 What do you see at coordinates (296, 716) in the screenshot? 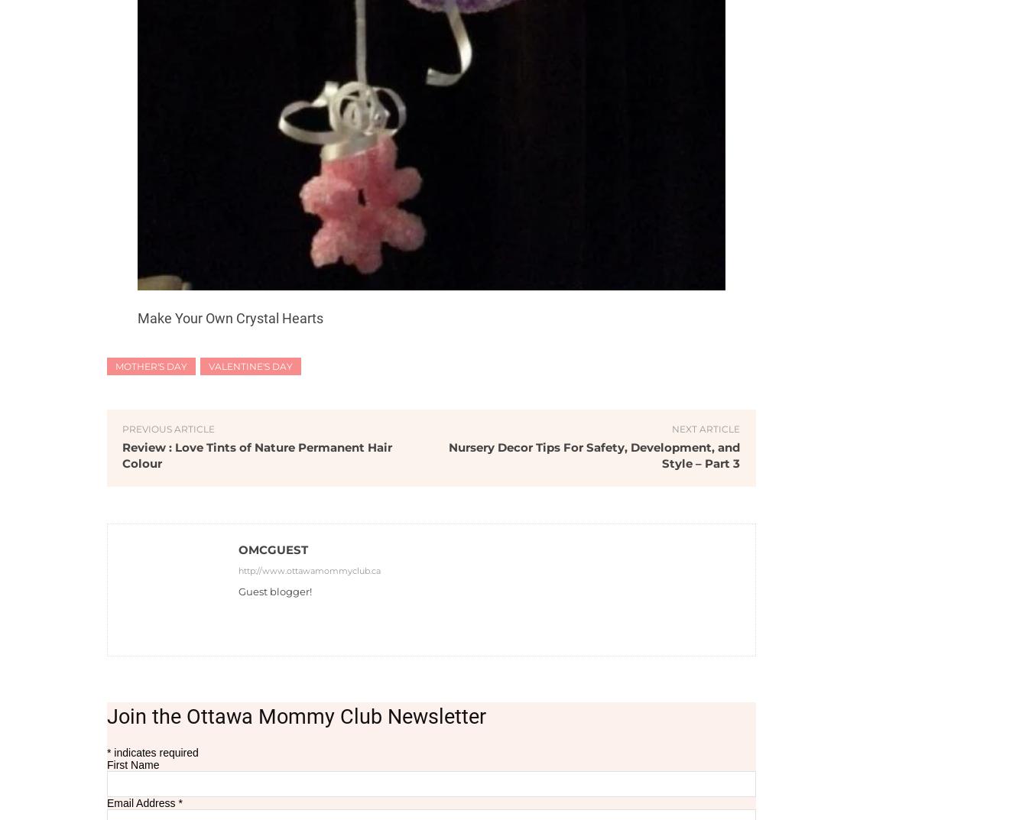
I see `'Join the Ottawa Mommy Club Newsletter'` at bounding box center [296, 716].